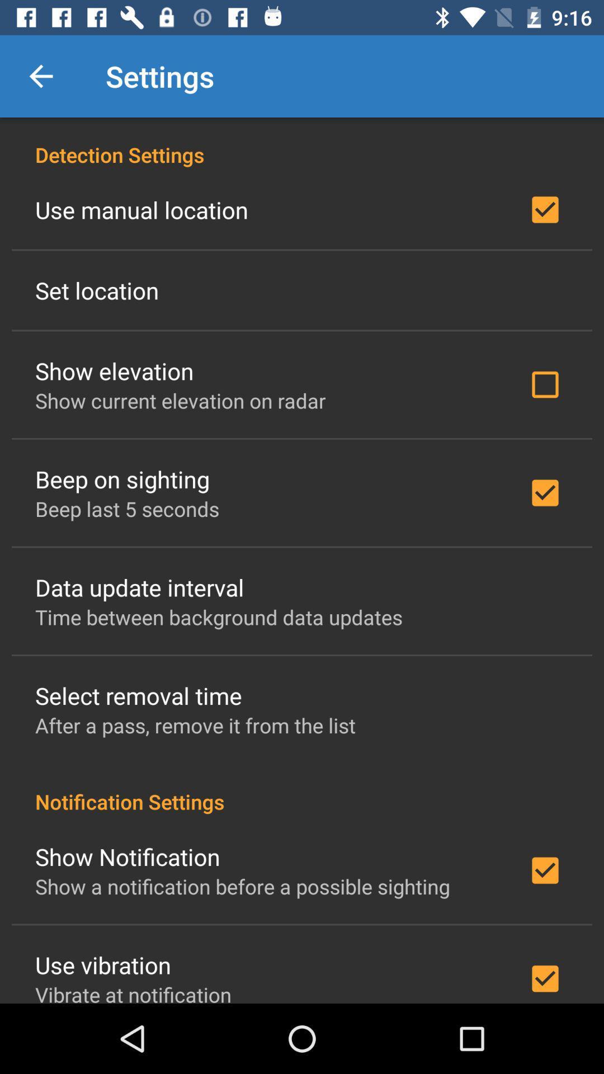  I want to click on item to the left of the settings icon, so click(40, 76).